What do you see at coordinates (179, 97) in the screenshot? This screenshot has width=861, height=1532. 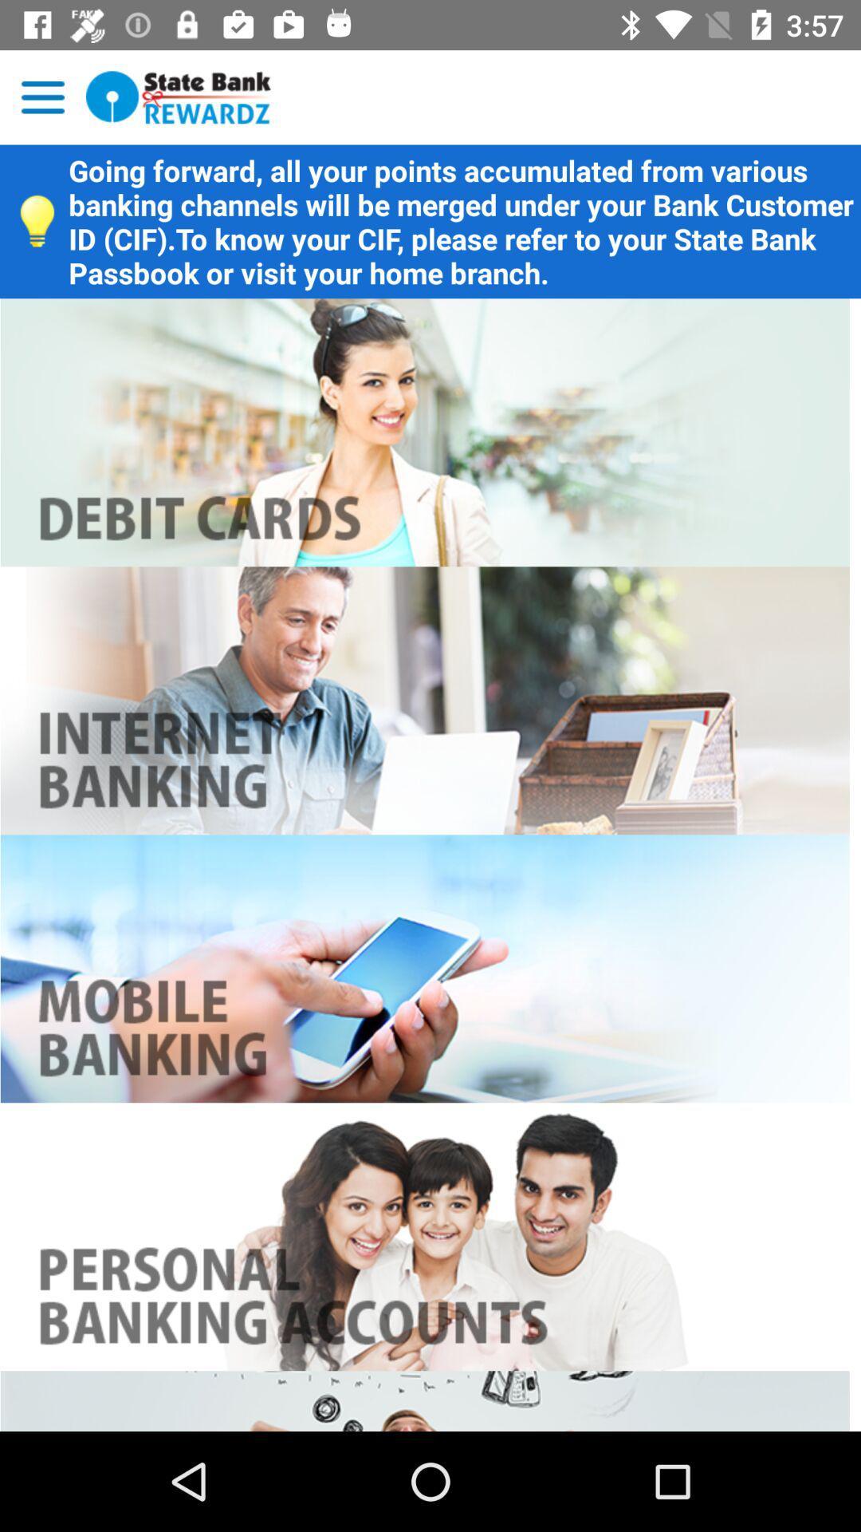 I see `home page` at bounding box center [179, 97].